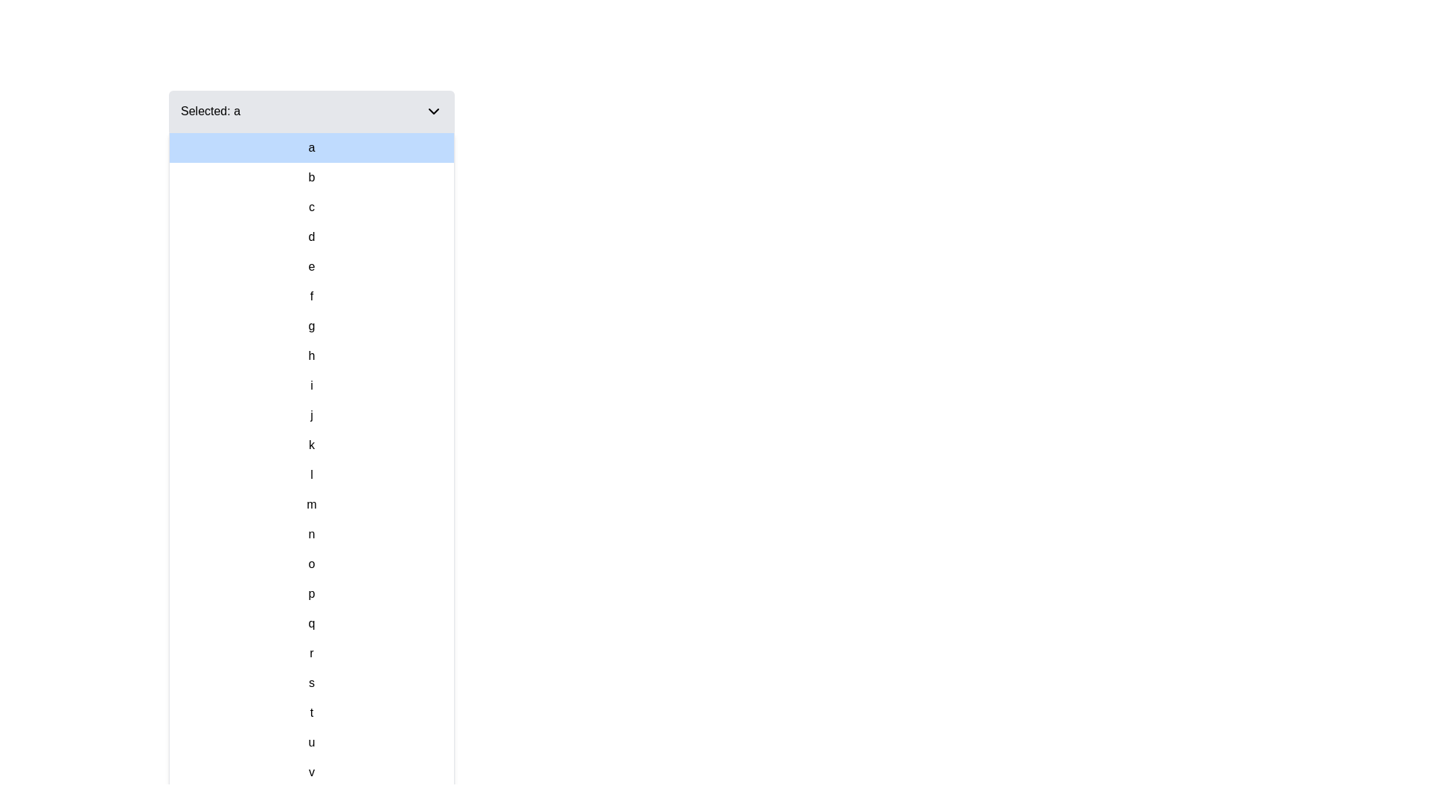  Describe the element at coordinates (310, 743) in the screenshot. I see `the selectable list option representing the letter 'u' in the dropdown menu to trigger a visual effect` at that location.